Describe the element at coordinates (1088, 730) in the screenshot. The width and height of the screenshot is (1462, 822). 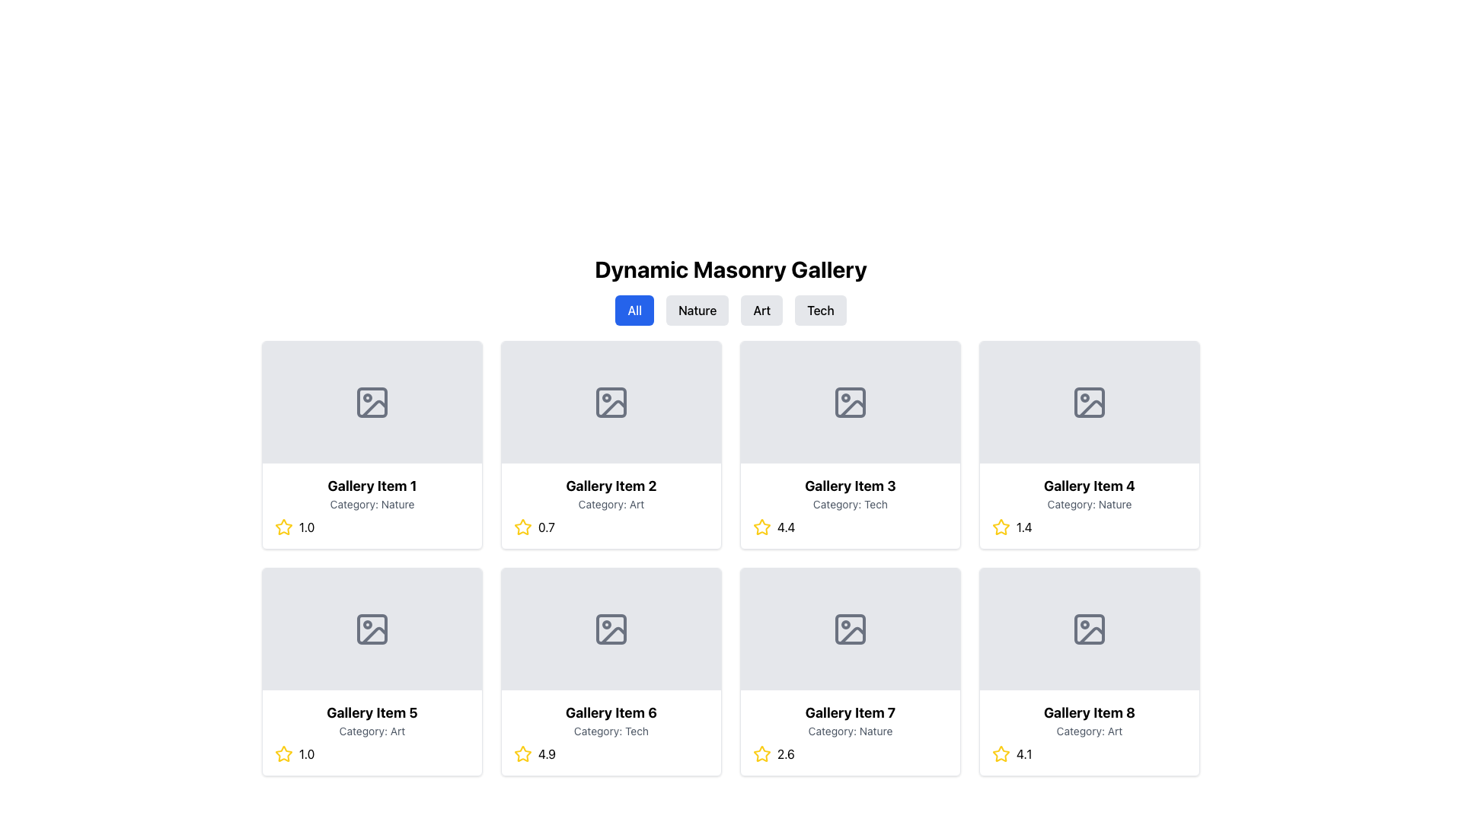
I see `the text label that reads 'Category: Art', which is styled in a small font size and gray color, located directly below the heading 'Gallery Item 8' in the details section of the 'Gallery Item 8' card` at that location.